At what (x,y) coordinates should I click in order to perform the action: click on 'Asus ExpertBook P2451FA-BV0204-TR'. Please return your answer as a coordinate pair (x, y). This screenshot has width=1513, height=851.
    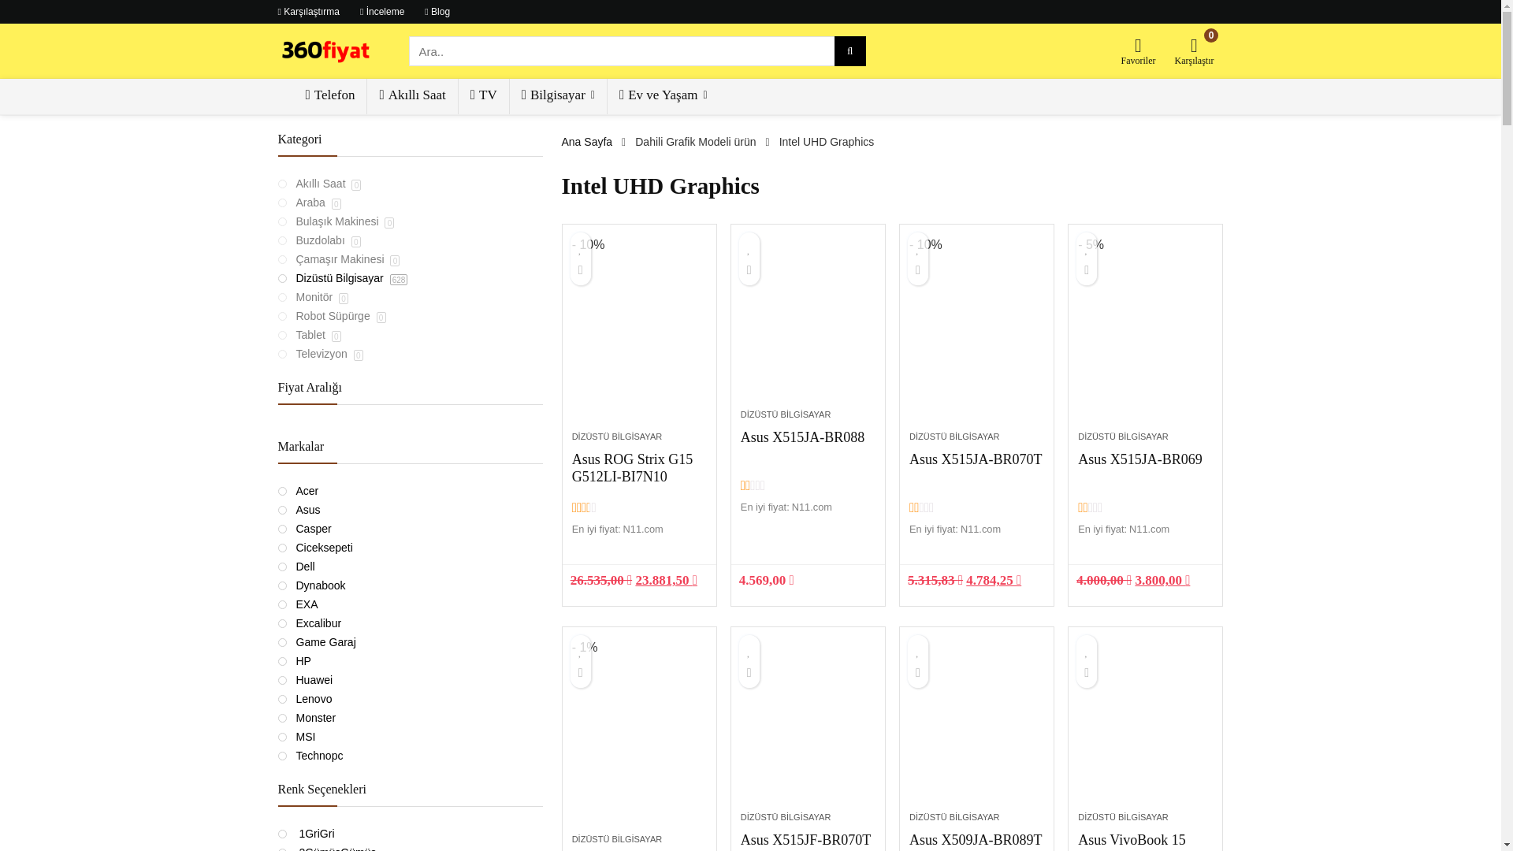
    Looking at the image, I should click on (639, 749).